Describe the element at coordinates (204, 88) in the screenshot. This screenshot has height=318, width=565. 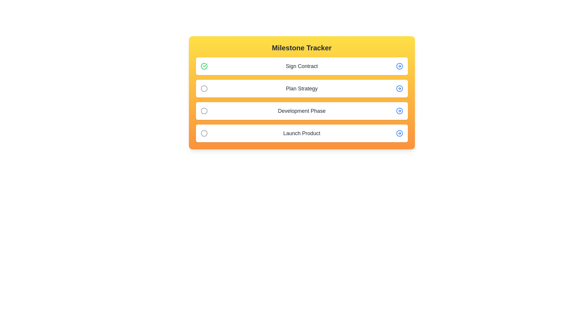
I see `the circular icon styled as an outline of a circle, located to the left of the text 'Plan Strategy'` at that location.